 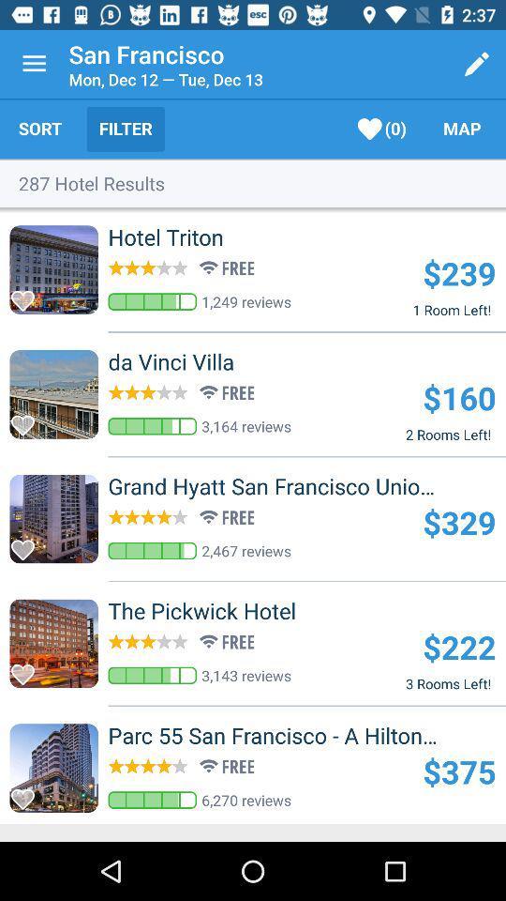 What do you see at coordinates (458, 271) in the screenshot?
I see `icon above 1 room left! icon` at bounding box center [458, 271].